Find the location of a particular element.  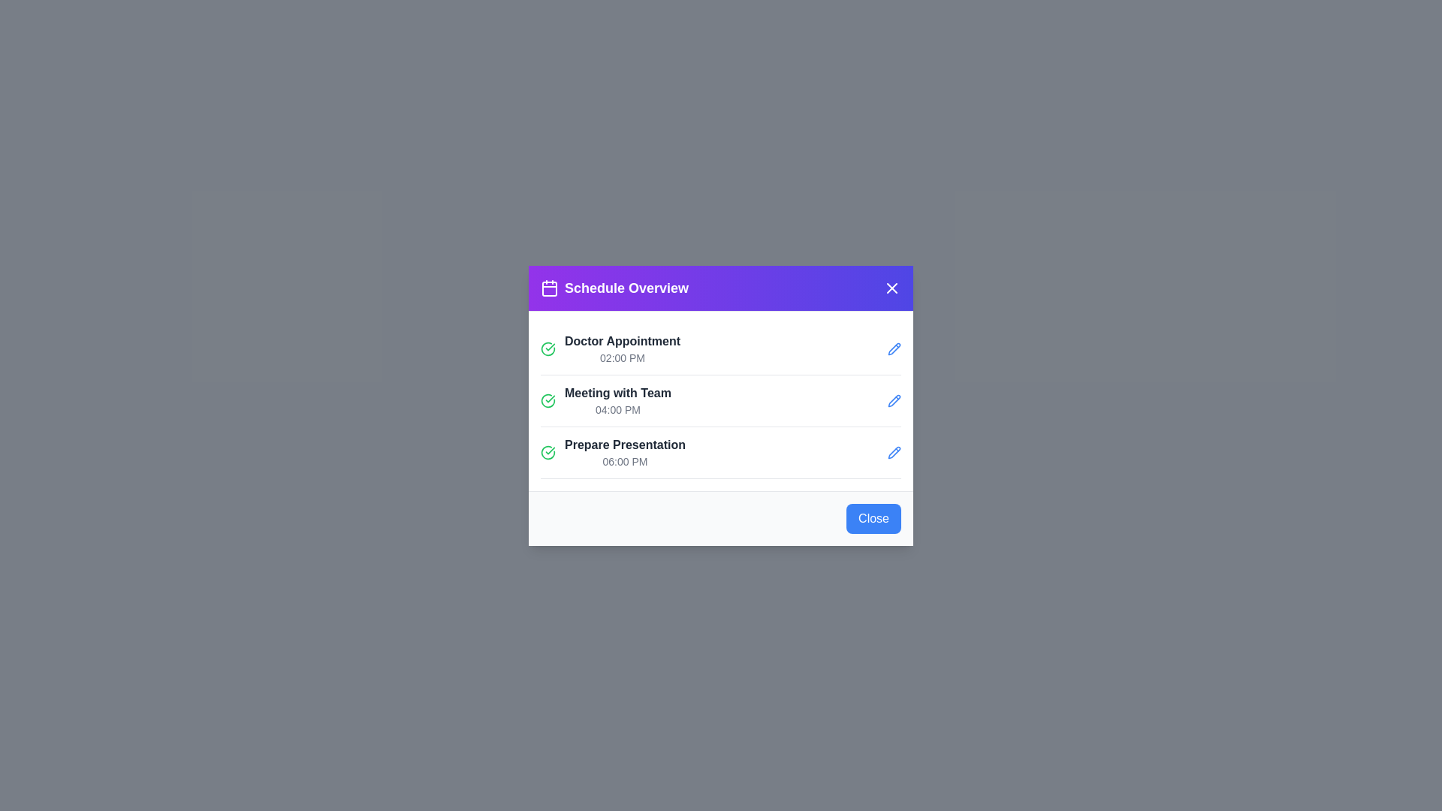

the schedule entry titled 'Meeting with Team' is located at coordinates (721, 405).